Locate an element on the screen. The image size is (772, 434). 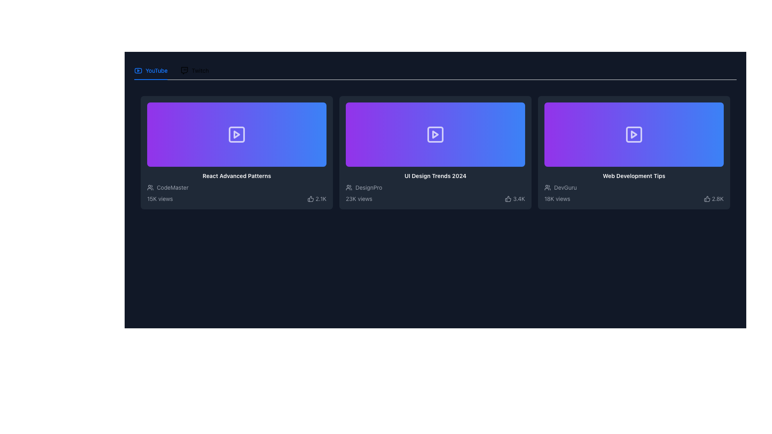
title of the video, which is represented by the text label located at the lower part of the rectangular card, directly below the thumbnail with a play icon is located at coordinates (634, 176).